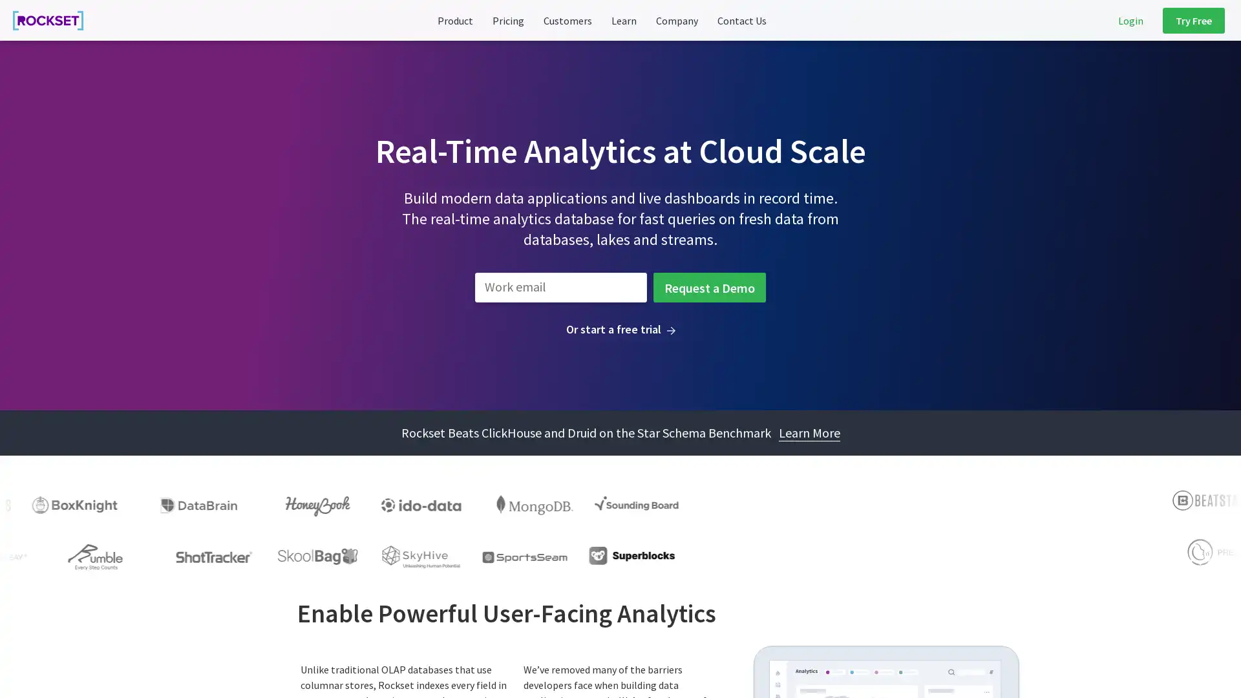 The height and width of the screenshot is (698, 1241). Describe the element at coordinates (709, 286) in the screenshot. I see `Request a Demo` at that location.